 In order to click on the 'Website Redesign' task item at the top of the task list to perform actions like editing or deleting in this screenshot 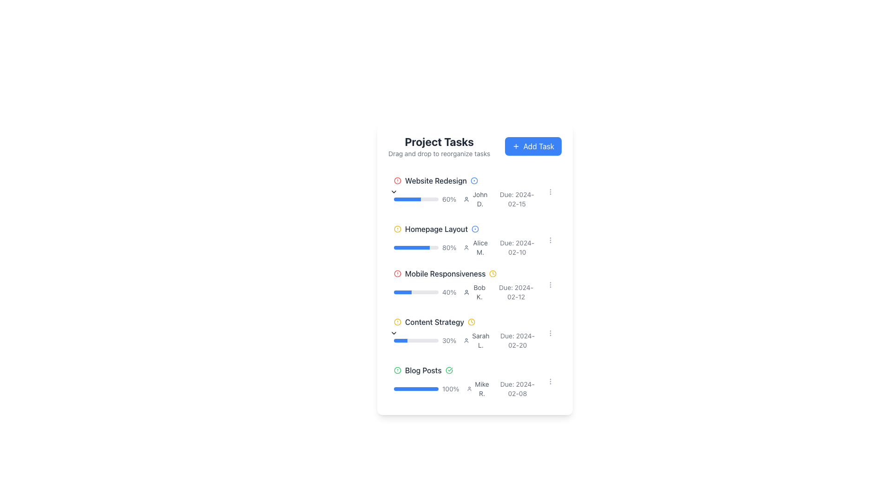, I will do `click(475, 191)`.